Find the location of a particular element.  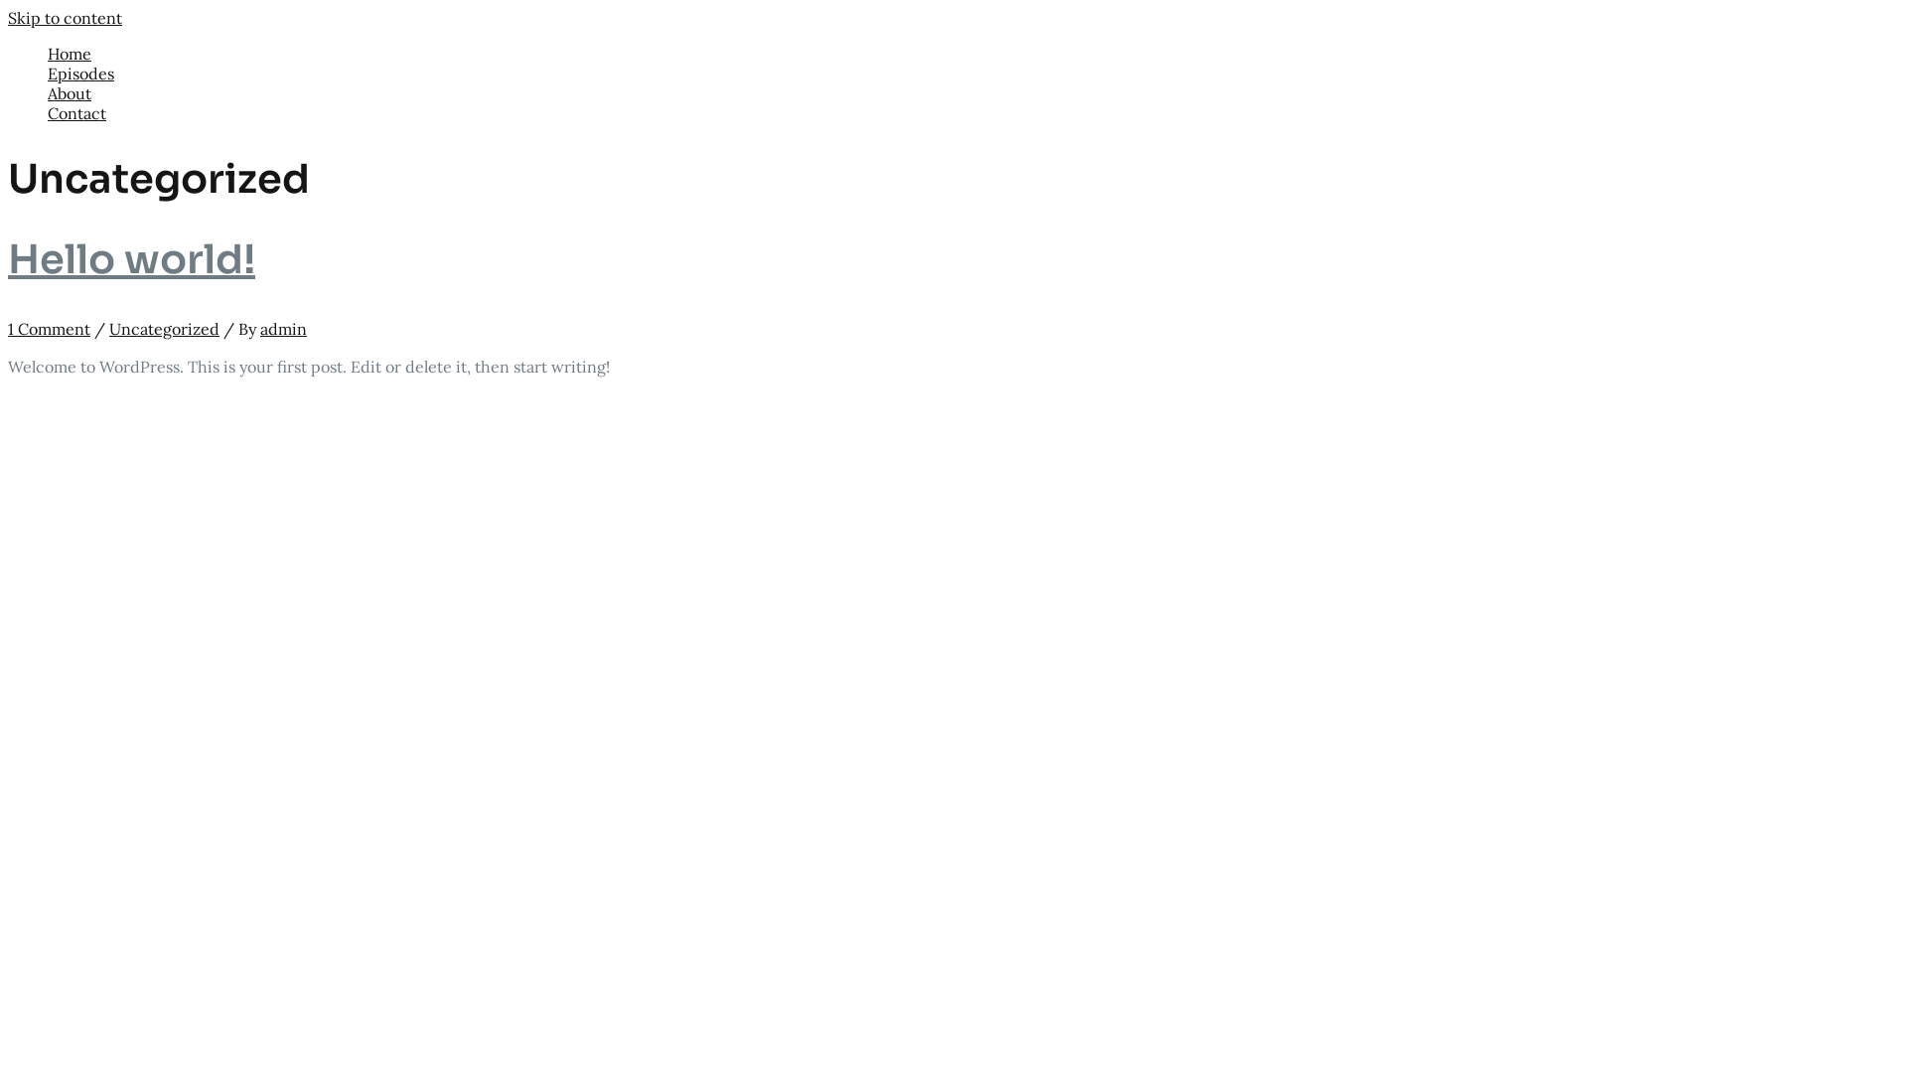

'Home' is located at coordinates (972, 53).